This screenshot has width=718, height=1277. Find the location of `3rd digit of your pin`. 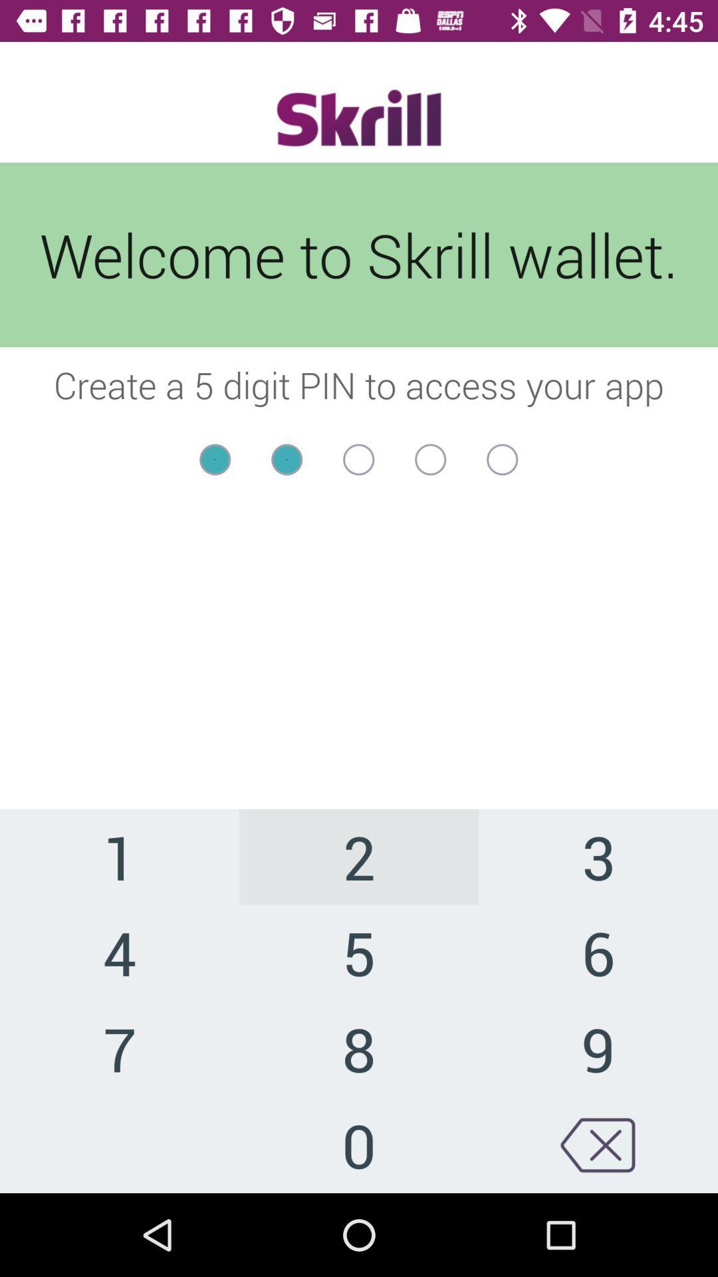

3rd digit of your pin is located at coordinates (358, 460).